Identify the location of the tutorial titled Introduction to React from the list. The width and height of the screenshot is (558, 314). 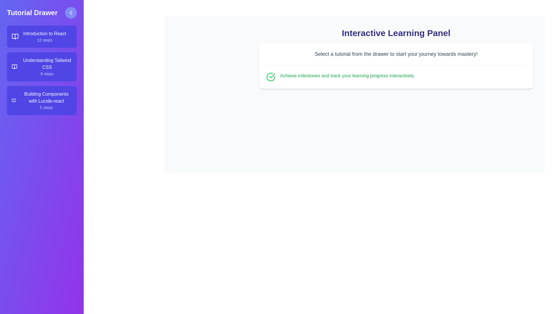
(42, 37).